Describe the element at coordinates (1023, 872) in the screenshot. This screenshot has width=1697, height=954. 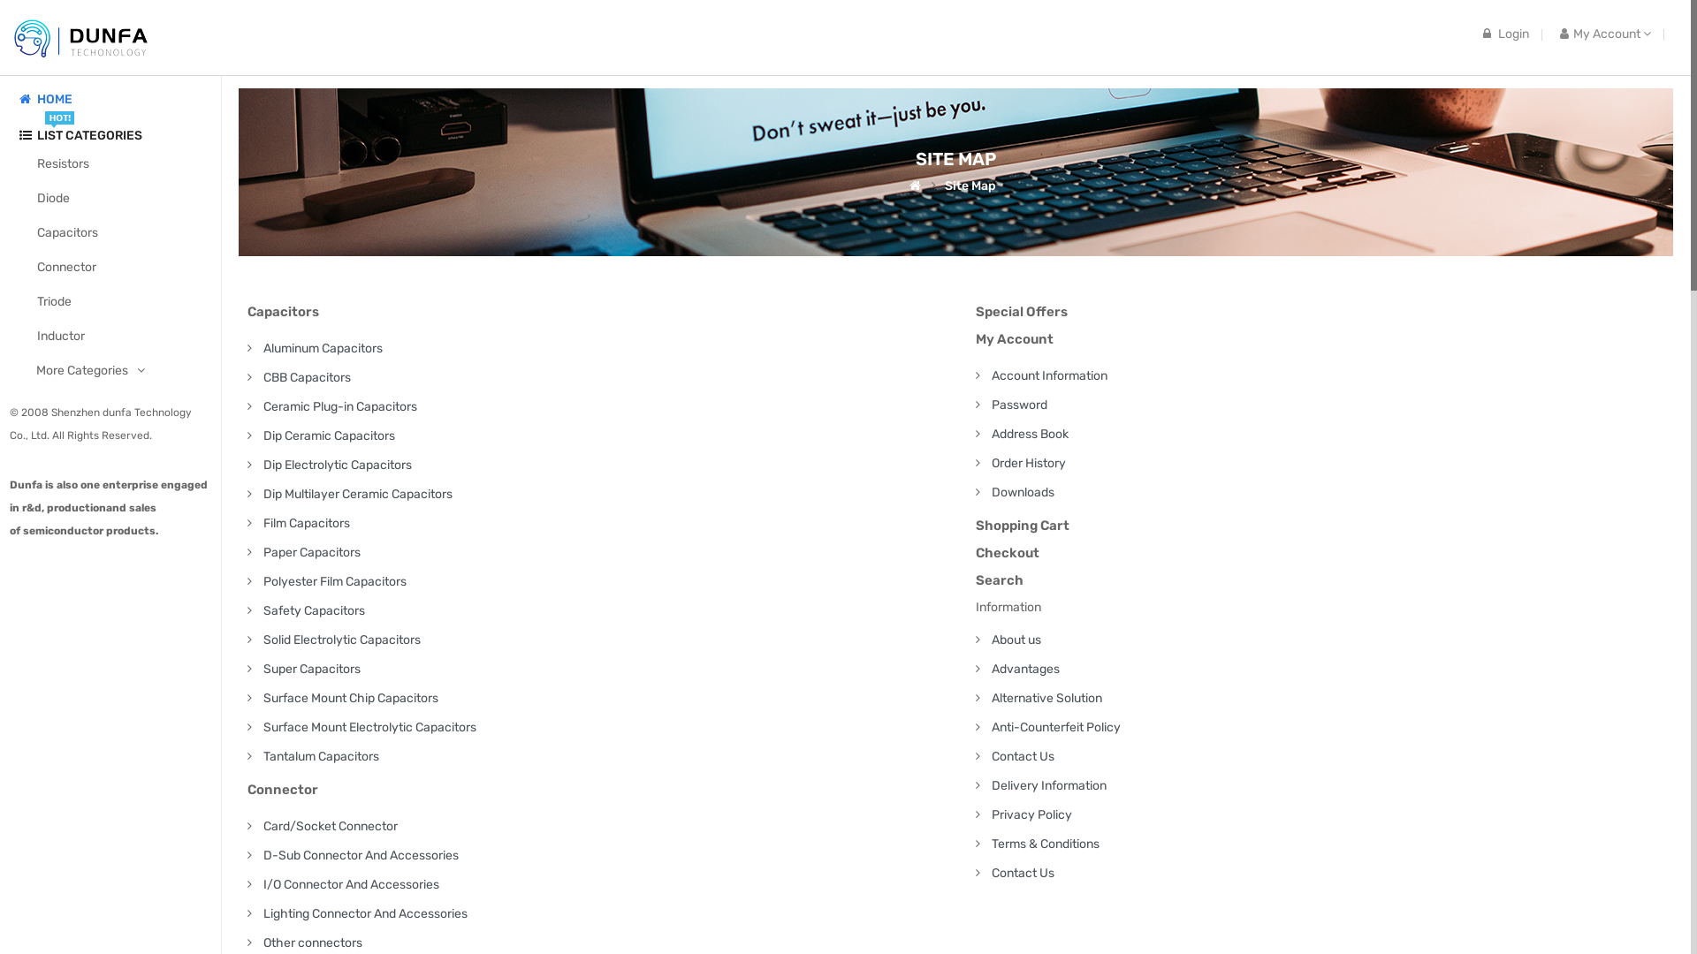
I see `'Contact Us'` at that location.